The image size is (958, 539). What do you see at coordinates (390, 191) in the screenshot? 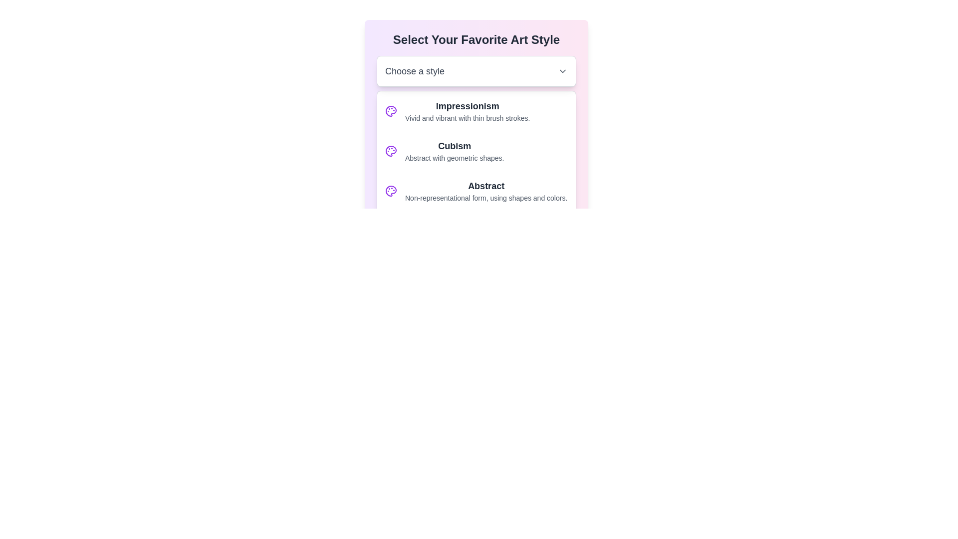
I see `the purple painter's palette icon next to the 'Abstract' text, which is identifiable by its circular paint color details` at bounding box center [390, 191].